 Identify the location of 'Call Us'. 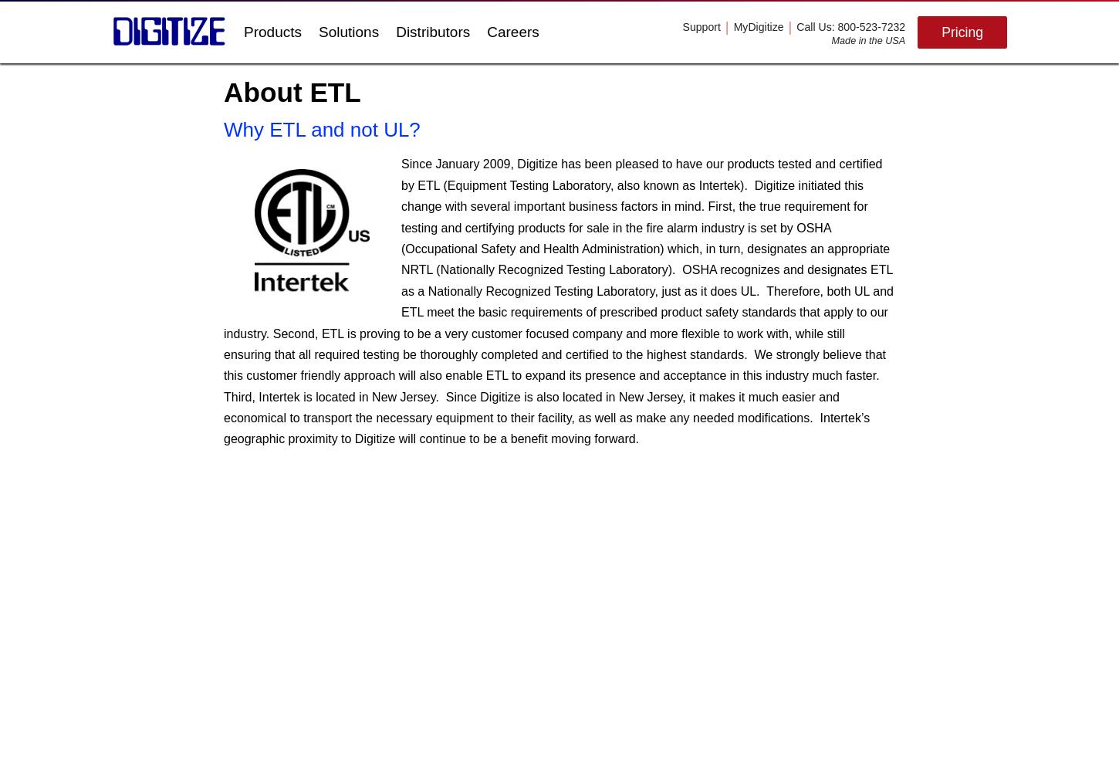
(813, 27).